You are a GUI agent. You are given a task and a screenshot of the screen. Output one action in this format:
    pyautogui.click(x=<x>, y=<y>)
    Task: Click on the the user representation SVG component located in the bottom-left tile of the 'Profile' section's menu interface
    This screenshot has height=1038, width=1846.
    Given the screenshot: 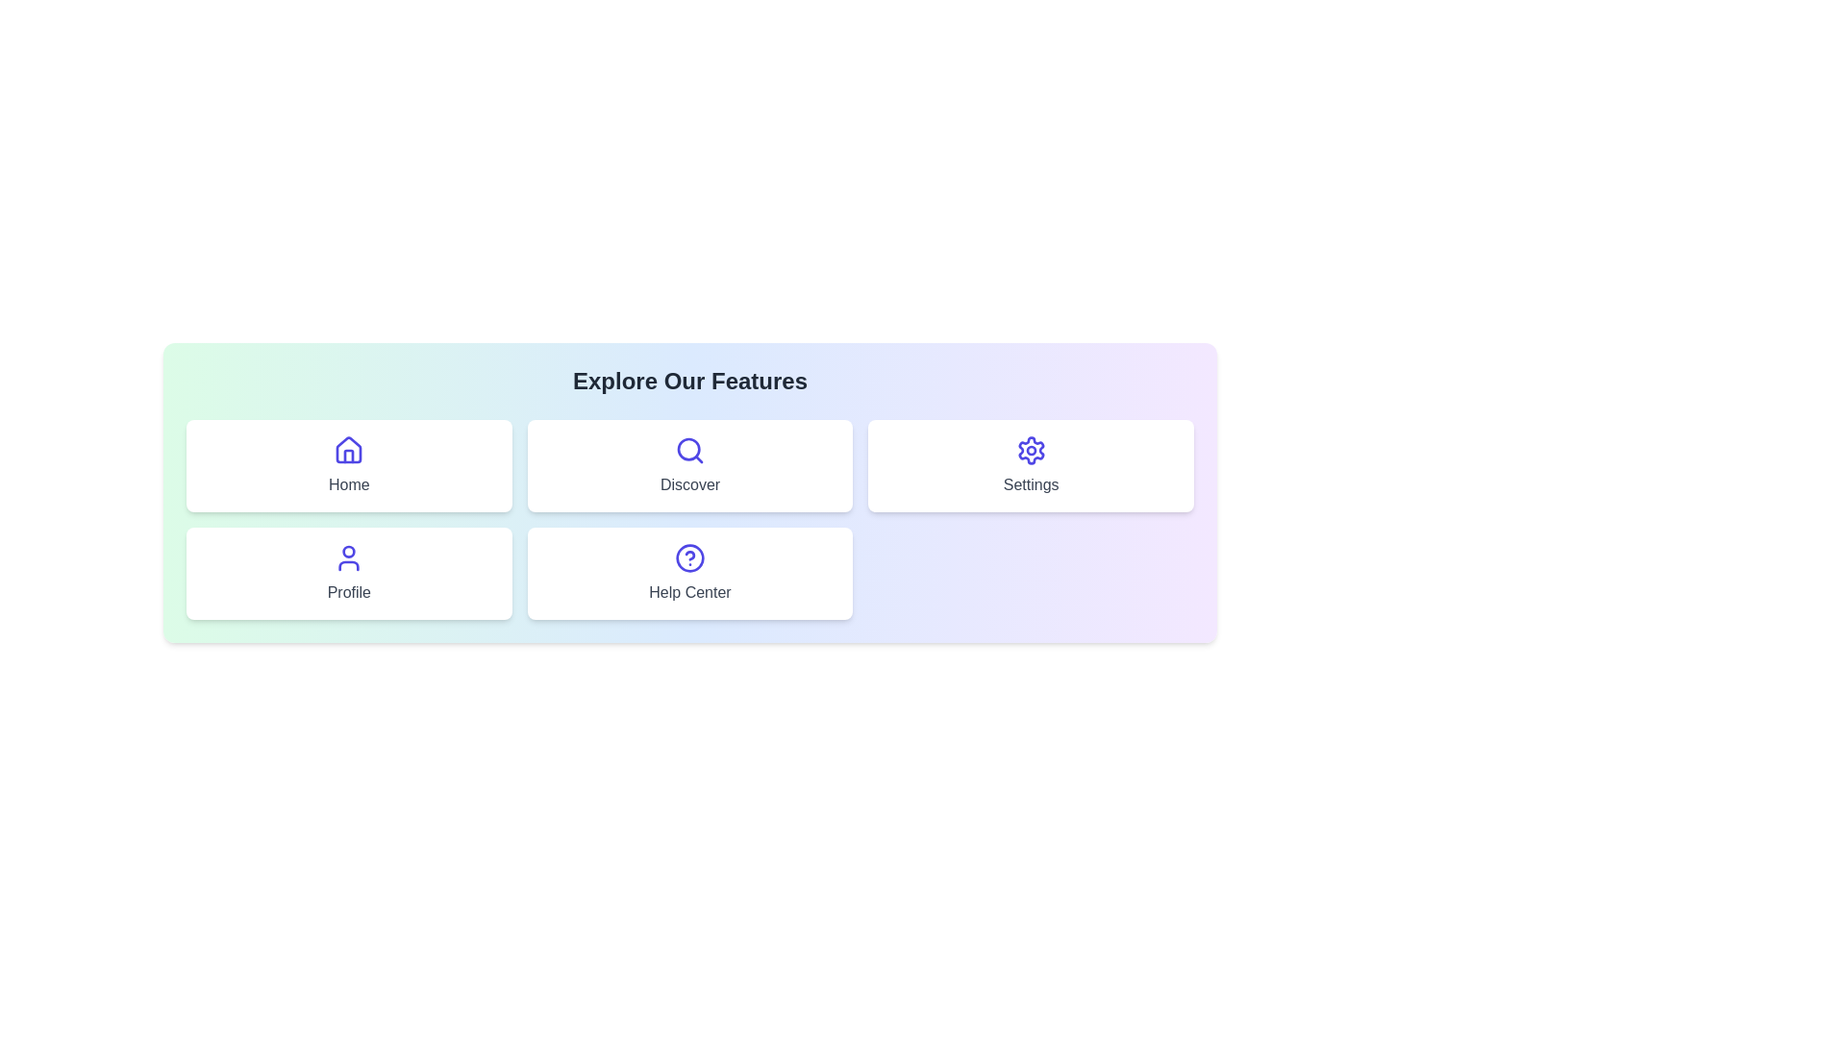 What is the action you would take?
    pyautogui.click(x=349, y=552)
    